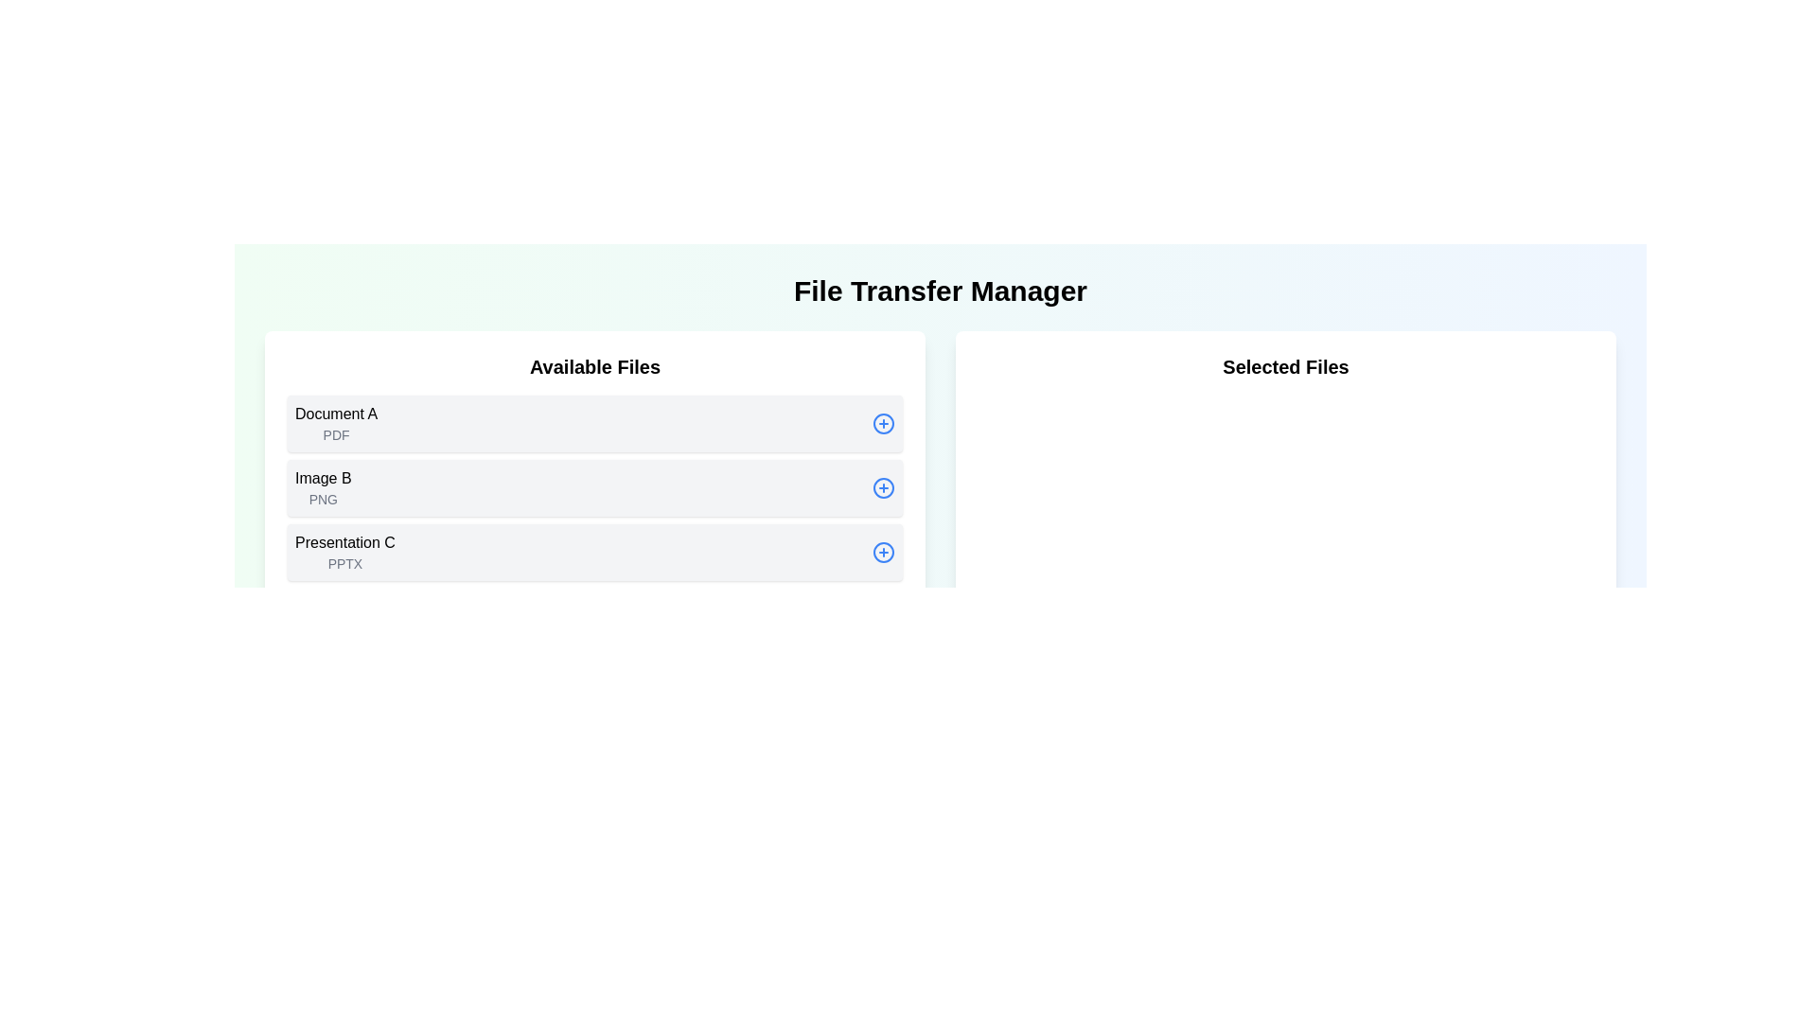 The height and width of the screenshot is (1022, 1817). Describe the element at coordinates (883, 422) in the screenshot. I see `the blue circular icon within the add button, which is located to the right of the 'Image B PNG' list item in the 'Available Files' section` at that location.